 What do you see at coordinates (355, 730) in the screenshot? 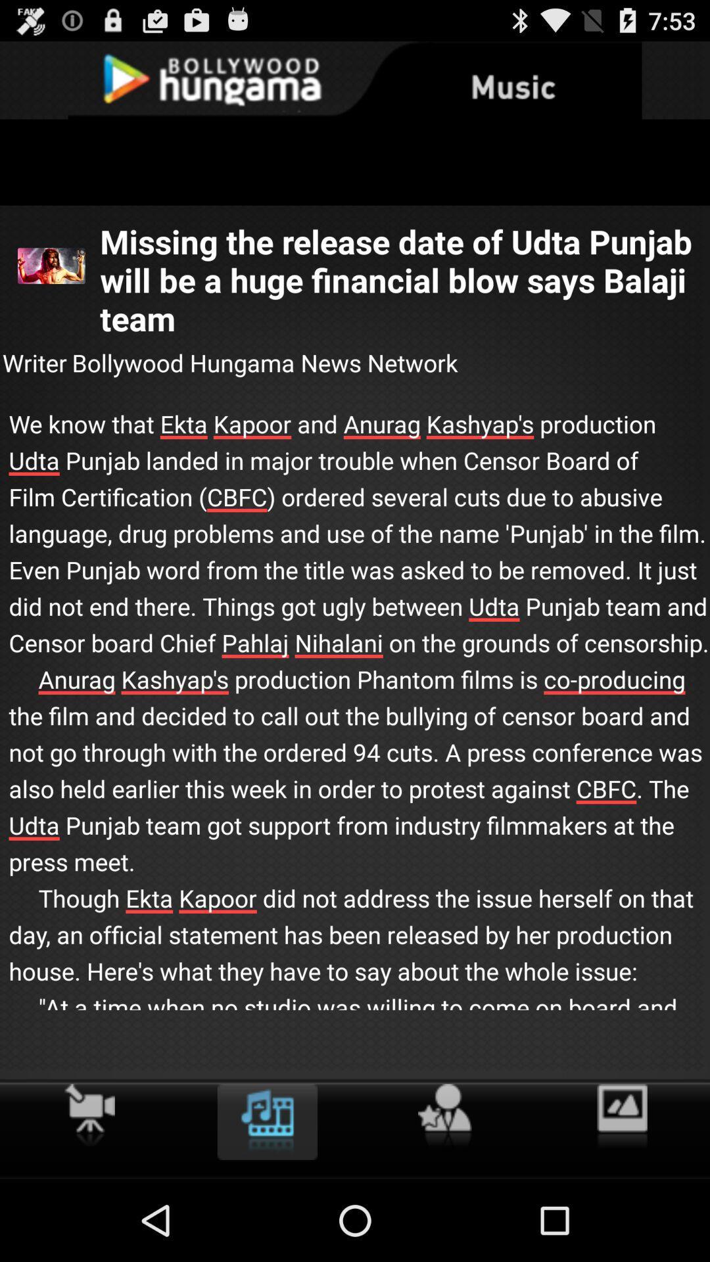
I see `the we know that item` at bounding box center [355, 730].